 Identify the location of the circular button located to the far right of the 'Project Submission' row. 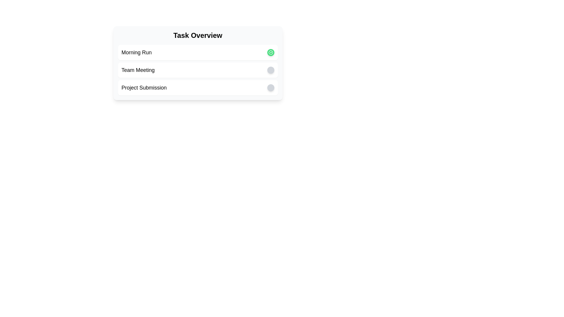
(270, 88).